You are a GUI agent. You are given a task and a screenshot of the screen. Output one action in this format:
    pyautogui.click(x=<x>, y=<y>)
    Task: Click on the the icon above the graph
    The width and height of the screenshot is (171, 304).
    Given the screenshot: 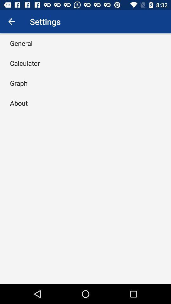 What is the action you would take?
    pyautogui.click(x=24, y=63)
    